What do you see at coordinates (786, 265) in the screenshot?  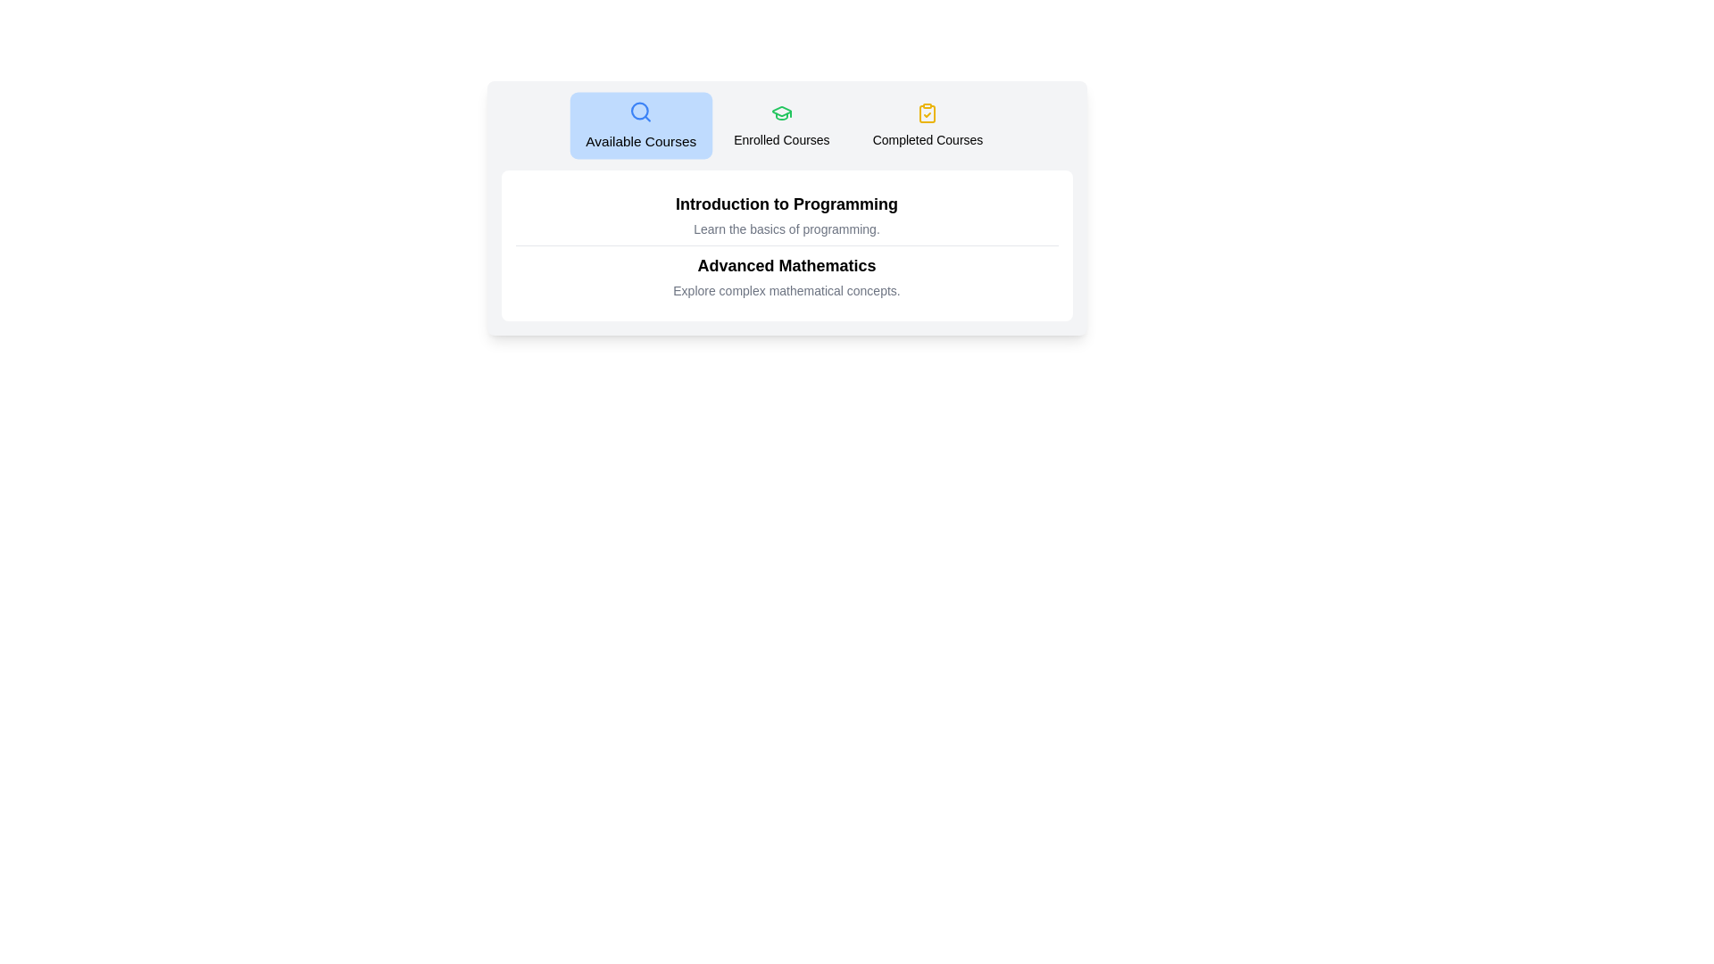 I see `the course titled Advanced Mathematics from the active tab` at bounding box center [786, 265].